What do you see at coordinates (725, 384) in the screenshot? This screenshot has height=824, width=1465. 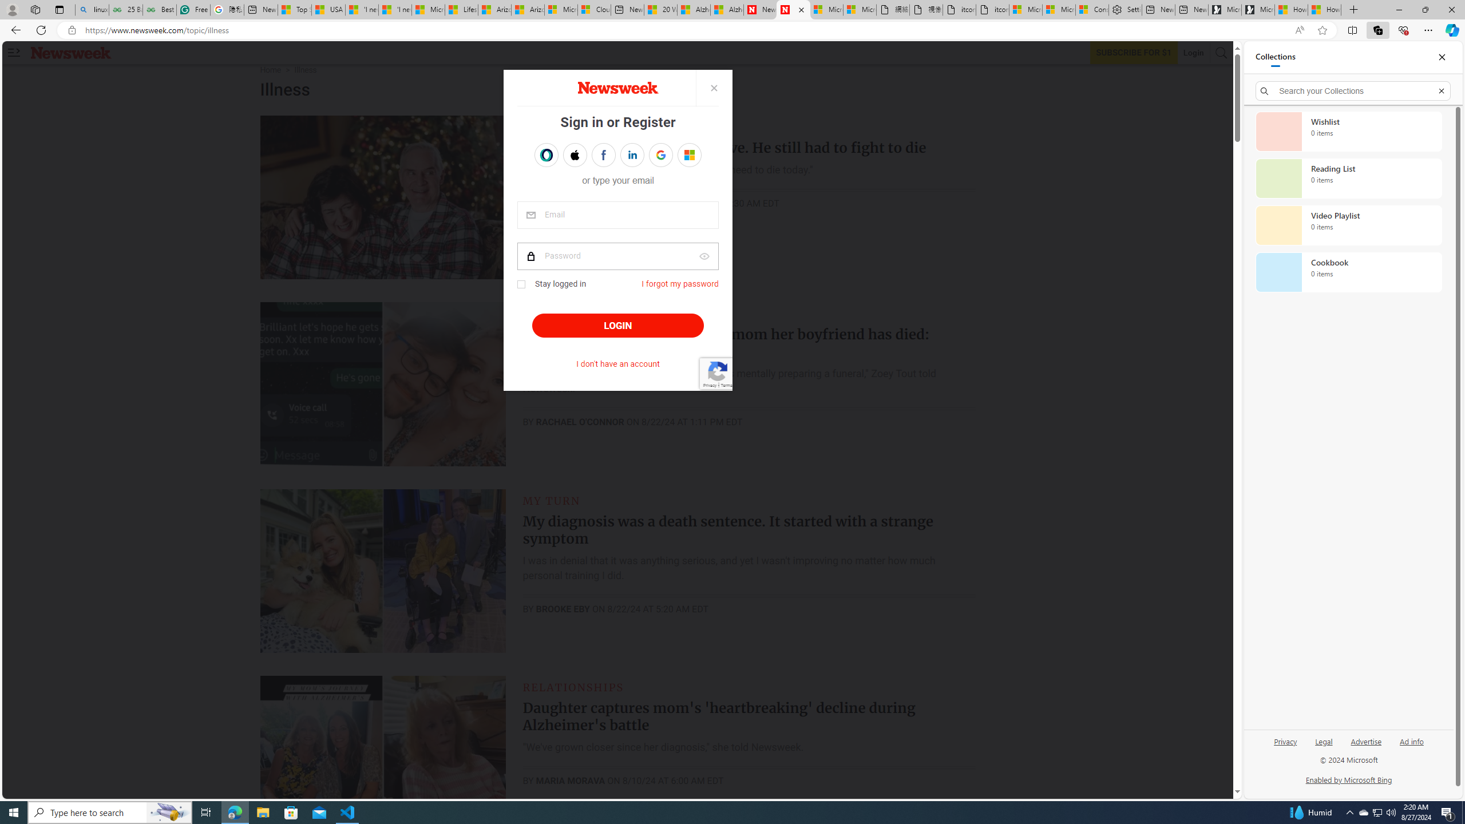 I see `'Terms'` at bounding box center [725, 384].